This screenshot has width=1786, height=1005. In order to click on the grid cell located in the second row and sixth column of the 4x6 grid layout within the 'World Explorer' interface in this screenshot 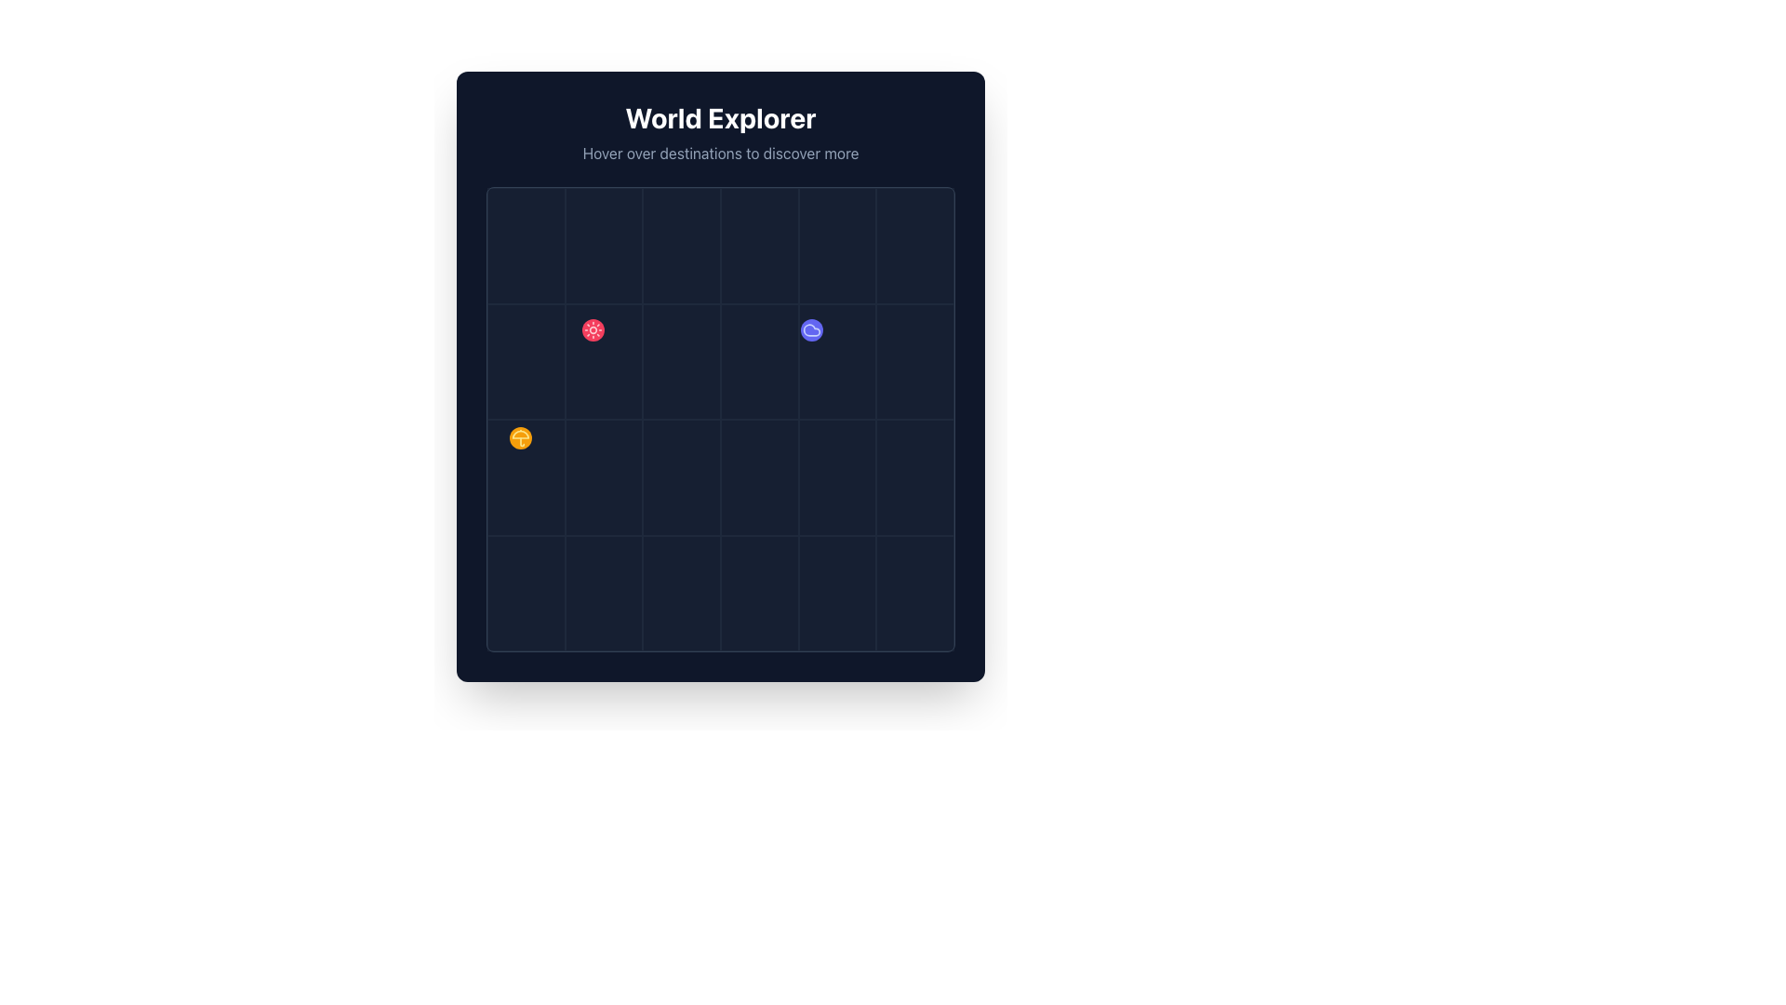, I will do `click(915, 361)`.